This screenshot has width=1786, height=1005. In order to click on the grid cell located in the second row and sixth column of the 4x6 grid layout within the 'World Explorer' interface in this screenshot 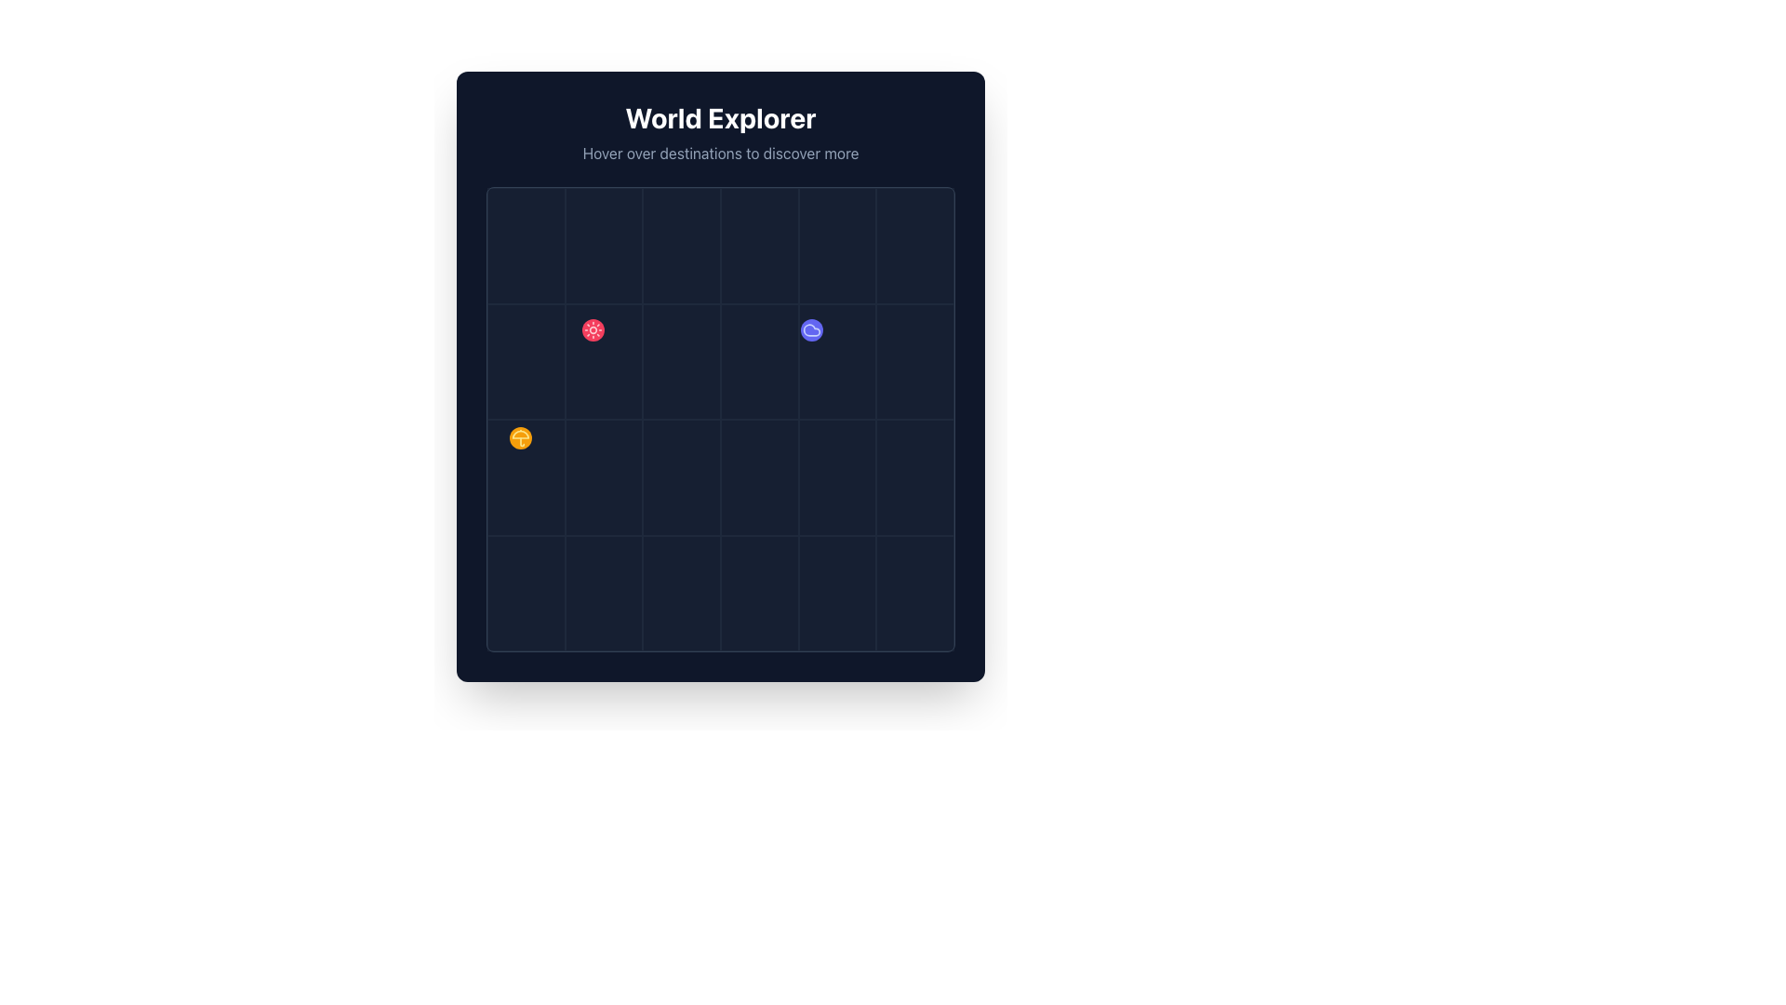, I will do `click(915, 361)`.